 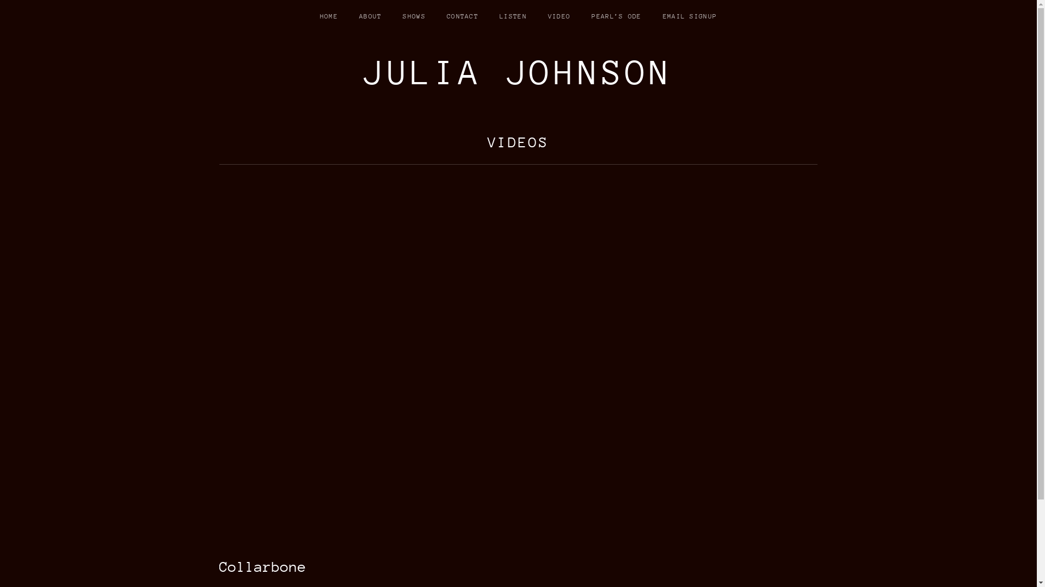 I want to click on 'VIDEO', so click(x=559, y=16).